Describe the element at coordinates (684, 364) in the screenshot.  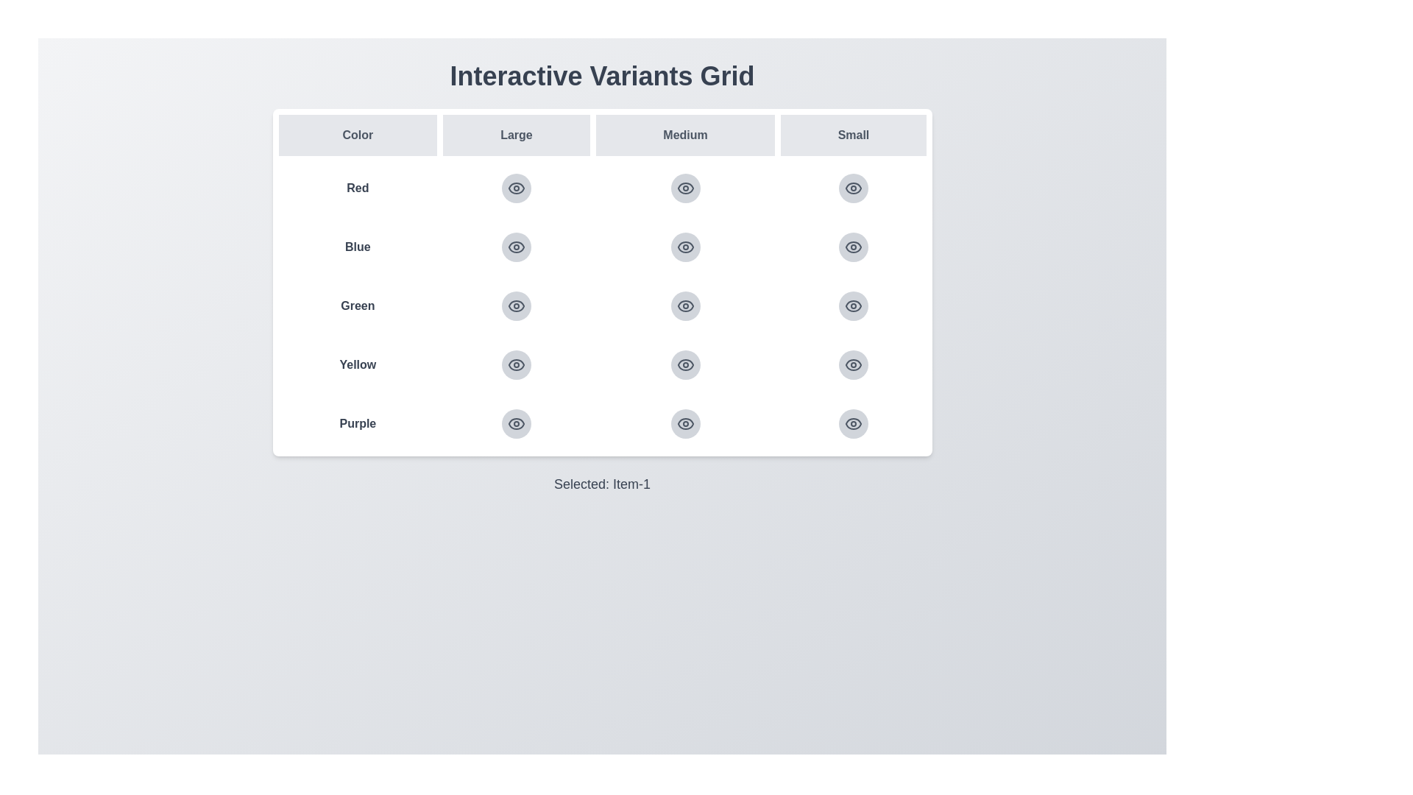
I see `the SVG icon resembling a stylized eye, located in the 'Medium' column under the 'Yellow' row of the grid layout` at that location.